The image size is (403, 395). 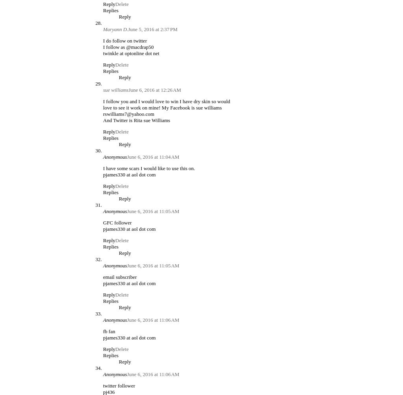 I want to click on 'June 6, 2016 at 11:04 AM', so click(x=152, y=156).